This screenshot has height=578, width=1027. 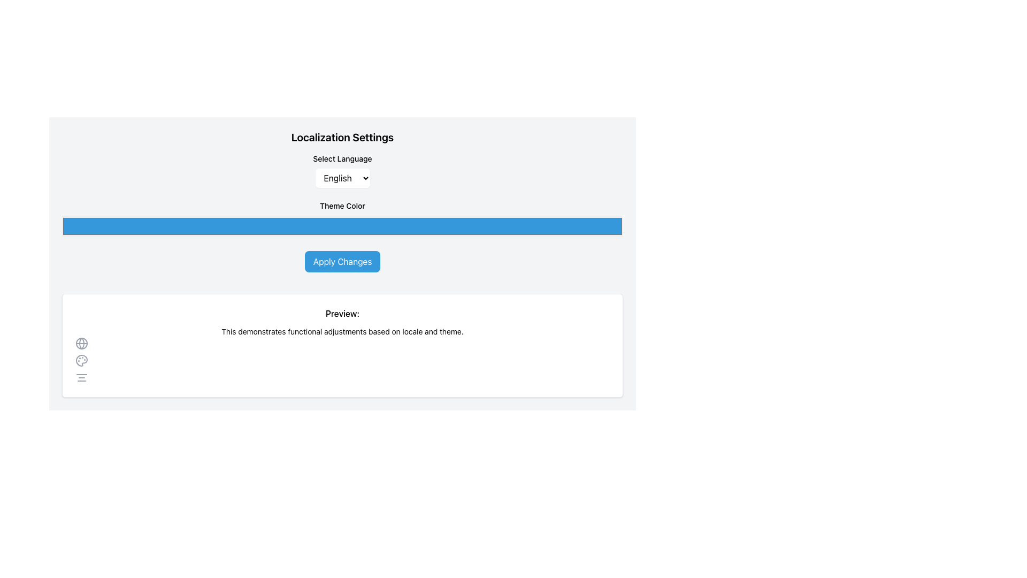 I want to click on the Color Picker with a solid blue background labeled 'Theme Color', so click(x=342, y=218).